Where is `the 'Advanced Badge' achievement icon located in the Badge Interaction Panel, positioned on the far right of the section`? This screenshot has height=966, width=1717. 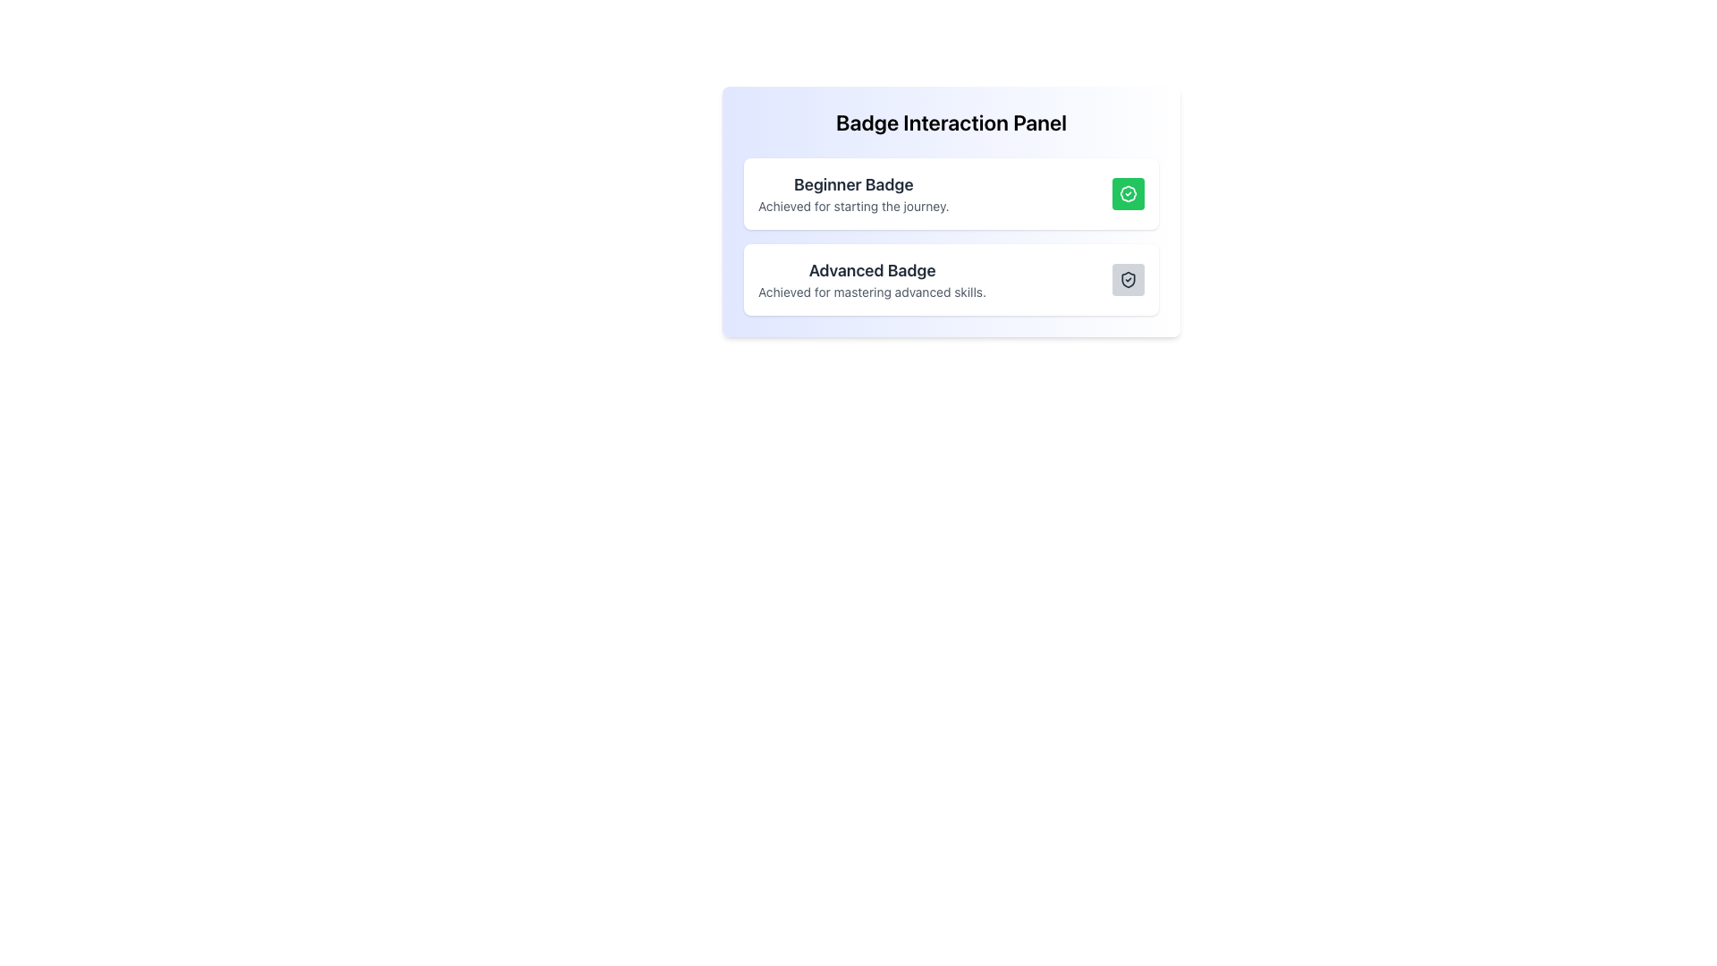
the 'Advanced Badge' achievement icon located in the Badge Interaction Panel, positioned on the far right of the section is located at coordinates (1128, 279).